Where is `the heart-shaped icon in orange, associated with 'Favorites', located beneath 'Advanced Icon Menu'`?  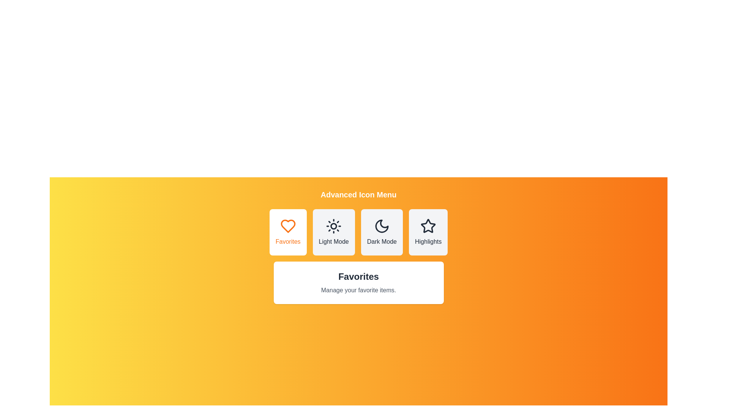
the heart-shaped icon in orange, associated with 'Favorites', located beneath 'Advanced Icon Menu' is located at coordinates (287, 226).